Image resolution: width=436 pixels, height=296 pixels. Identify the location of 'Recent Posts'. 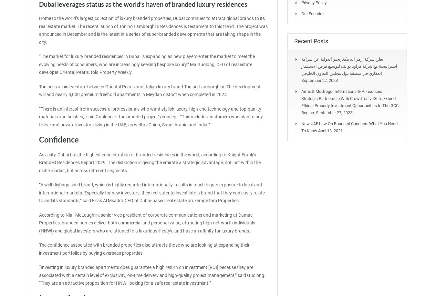
(311, 41).